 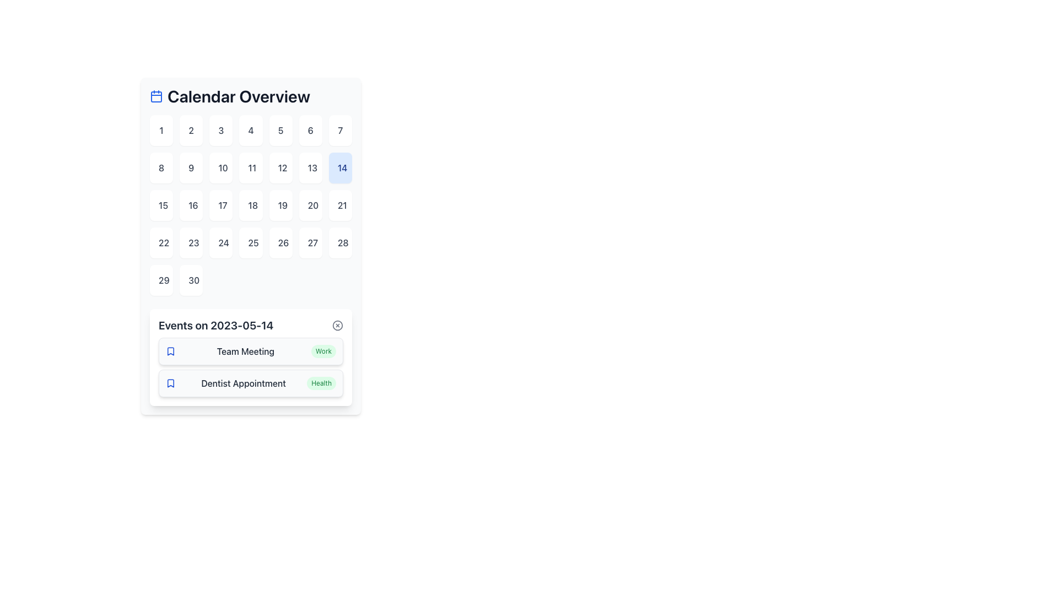 I want to click on the square-shaped button with a white background and bold gray text '20', so click(x=310, y=205).